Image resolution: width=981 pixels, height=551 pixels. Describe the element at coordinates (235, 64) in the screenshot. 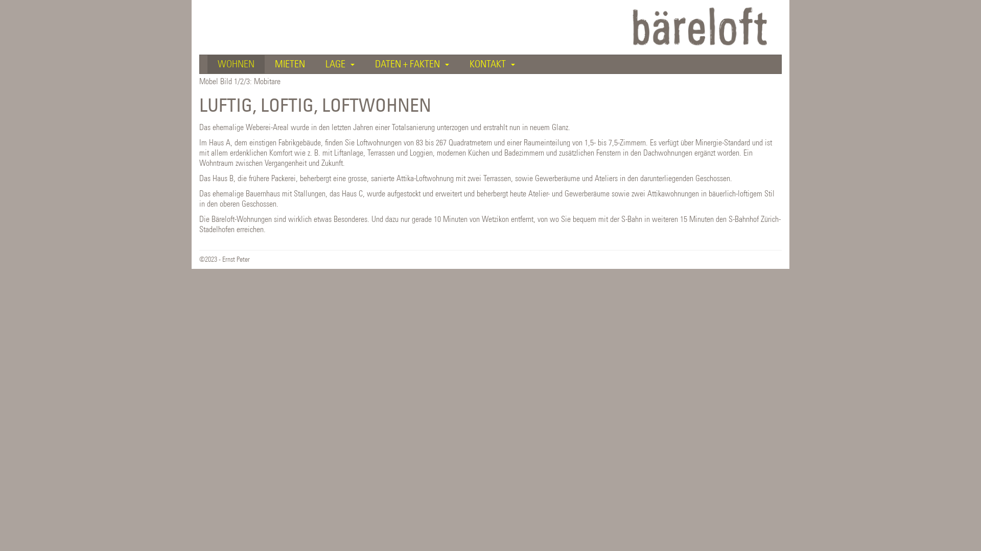

I see `'WOHNEN'` at that location.